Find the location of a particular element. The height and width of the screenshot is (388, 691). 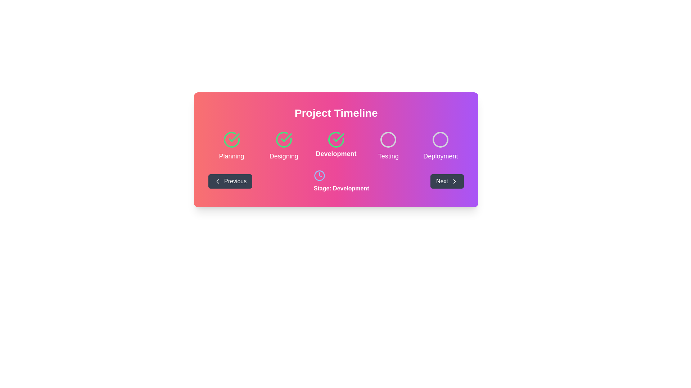

the green circular outline of the progress icon that is part of the third milestone indicator under the 'Development' label in the horizontal timeline is located at coordinates (336, 140).